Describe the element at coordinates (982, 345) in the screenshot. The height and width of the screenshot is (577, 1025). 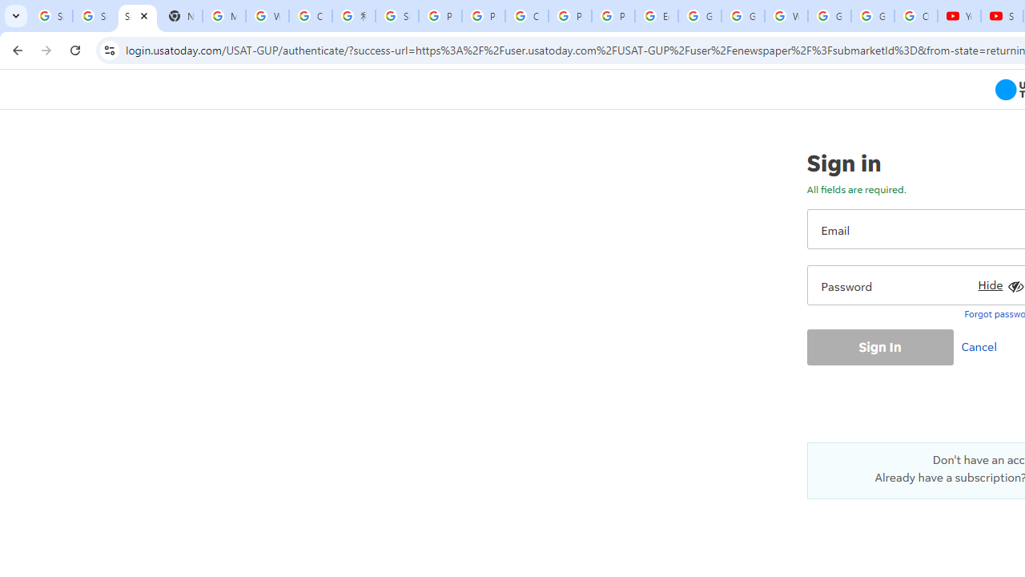
I see `'Cancel'` at that location.